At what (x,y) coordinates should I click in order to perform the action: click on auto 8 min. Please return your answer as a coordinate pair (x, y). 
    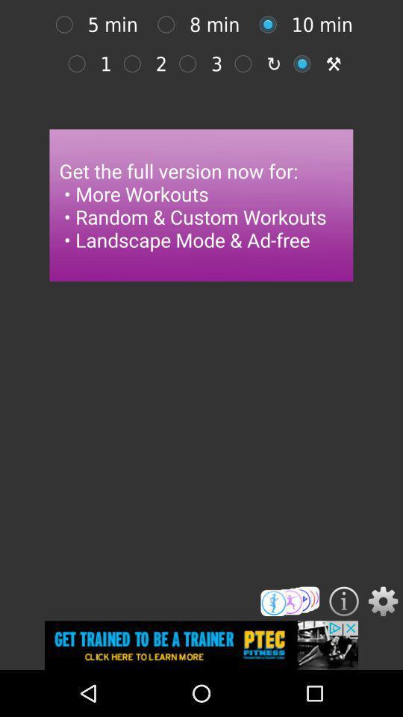
    Looking at the image, I should click on (169, 24).